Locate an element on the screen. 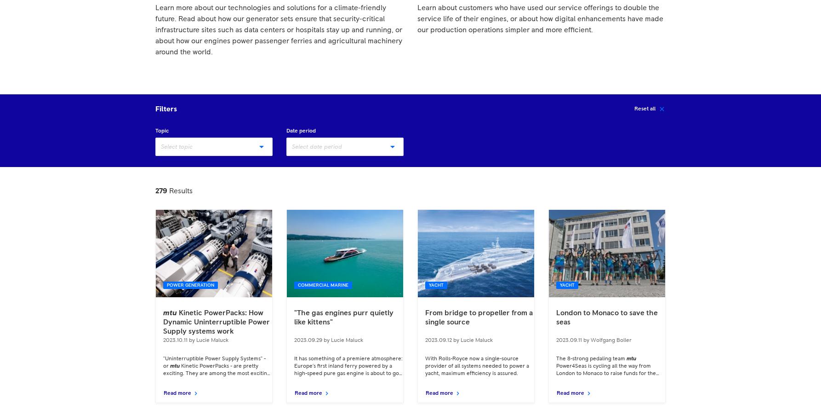  'Kinetic PowerPacks: How Dynamic Uninterruptible Power Supply systems work' is located at coordinates (216, 321).